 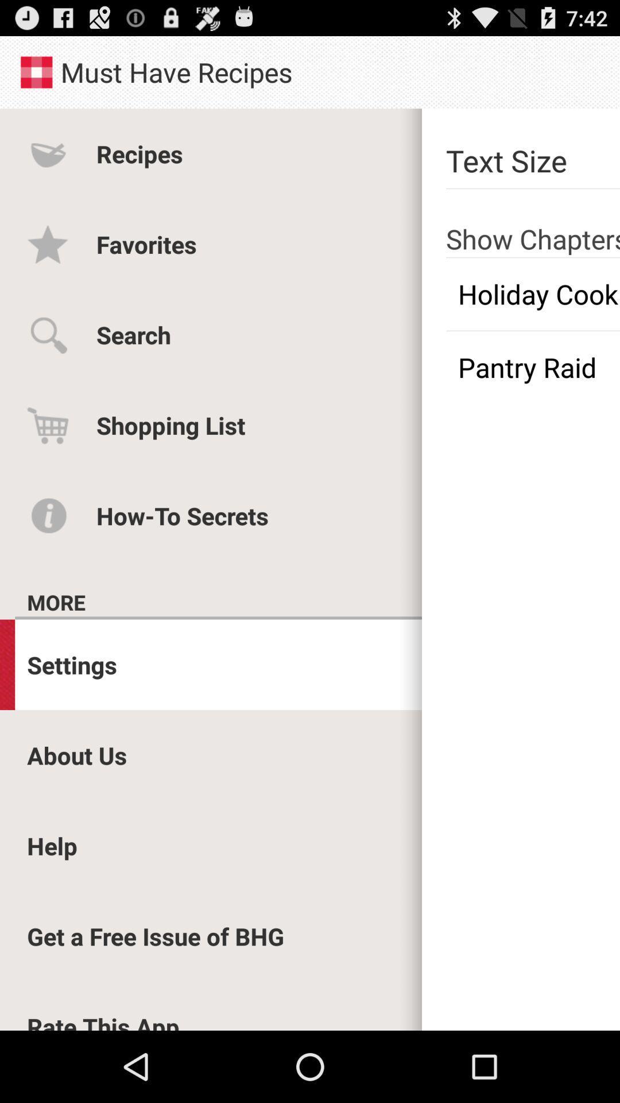 What do you see at coordinates (133, 334) in the screenshot?
I see `the checkbox to the left of the holiday cooking` at bounding box center [133, 334].